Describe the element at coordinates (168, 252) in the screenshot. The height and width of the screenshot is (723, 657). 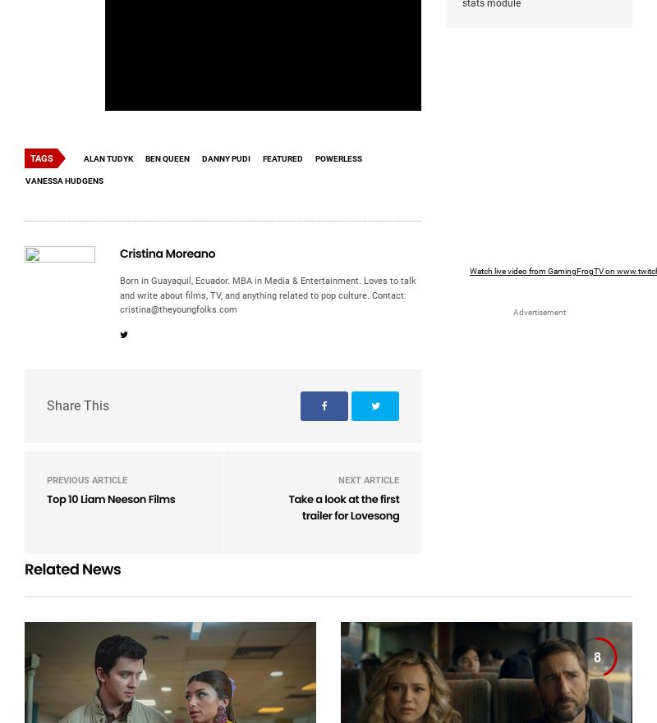
I see `'Cristina Moreano'` at that location.